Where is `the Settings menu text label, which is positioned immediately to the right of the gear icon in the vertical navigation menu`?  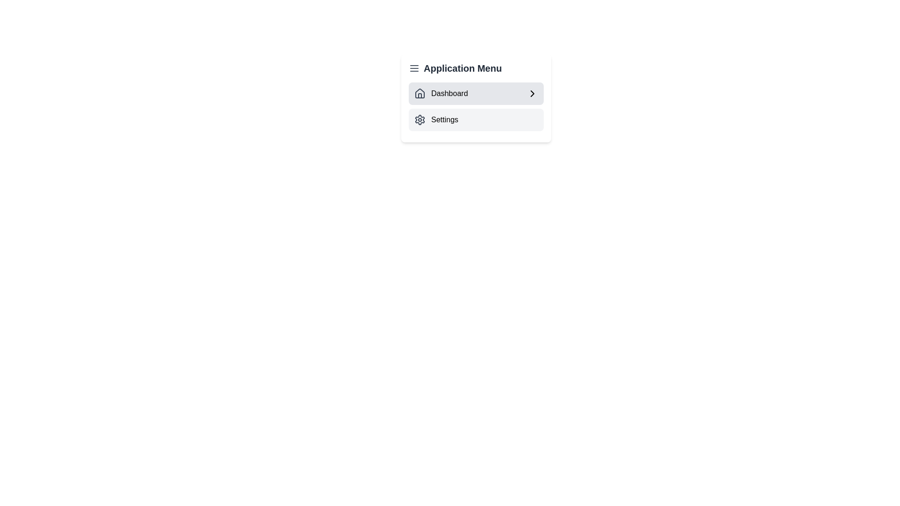
the Settings menu text label, which is positioned immediately to the right of the gear icon in the vertical navigation menu is located at coordinates (444, 119).